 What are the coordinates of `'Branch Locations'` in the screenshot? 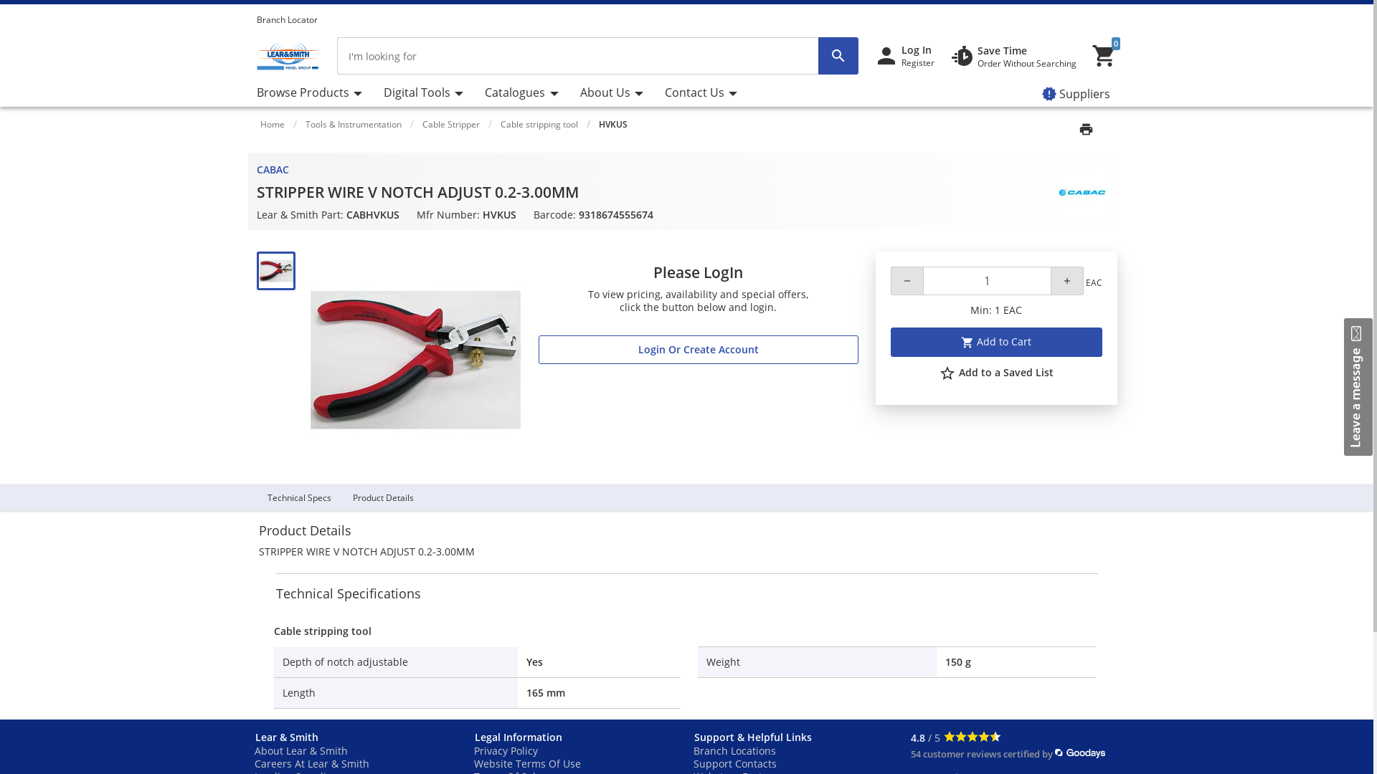 It's located at (734, 750).